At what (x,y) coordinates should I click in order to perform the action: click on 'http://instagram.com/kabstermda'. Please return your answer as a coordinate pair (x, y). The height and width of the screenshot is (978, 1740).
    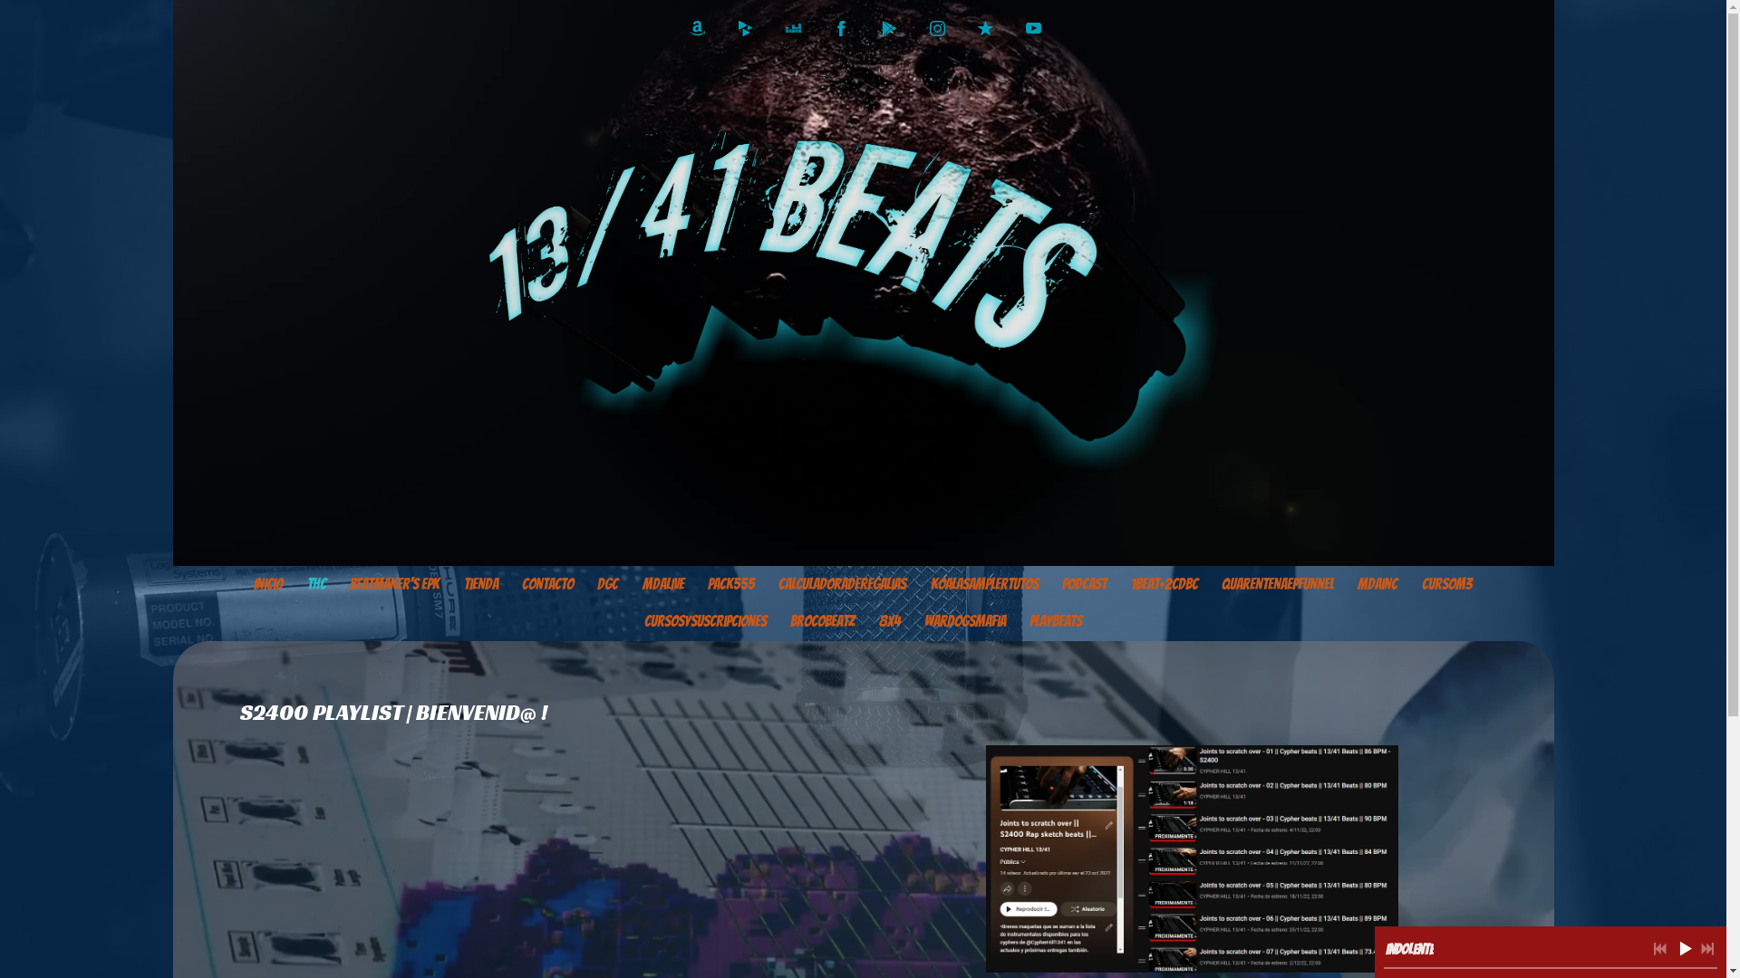
    Looking at the image, I should click on (937, 28).